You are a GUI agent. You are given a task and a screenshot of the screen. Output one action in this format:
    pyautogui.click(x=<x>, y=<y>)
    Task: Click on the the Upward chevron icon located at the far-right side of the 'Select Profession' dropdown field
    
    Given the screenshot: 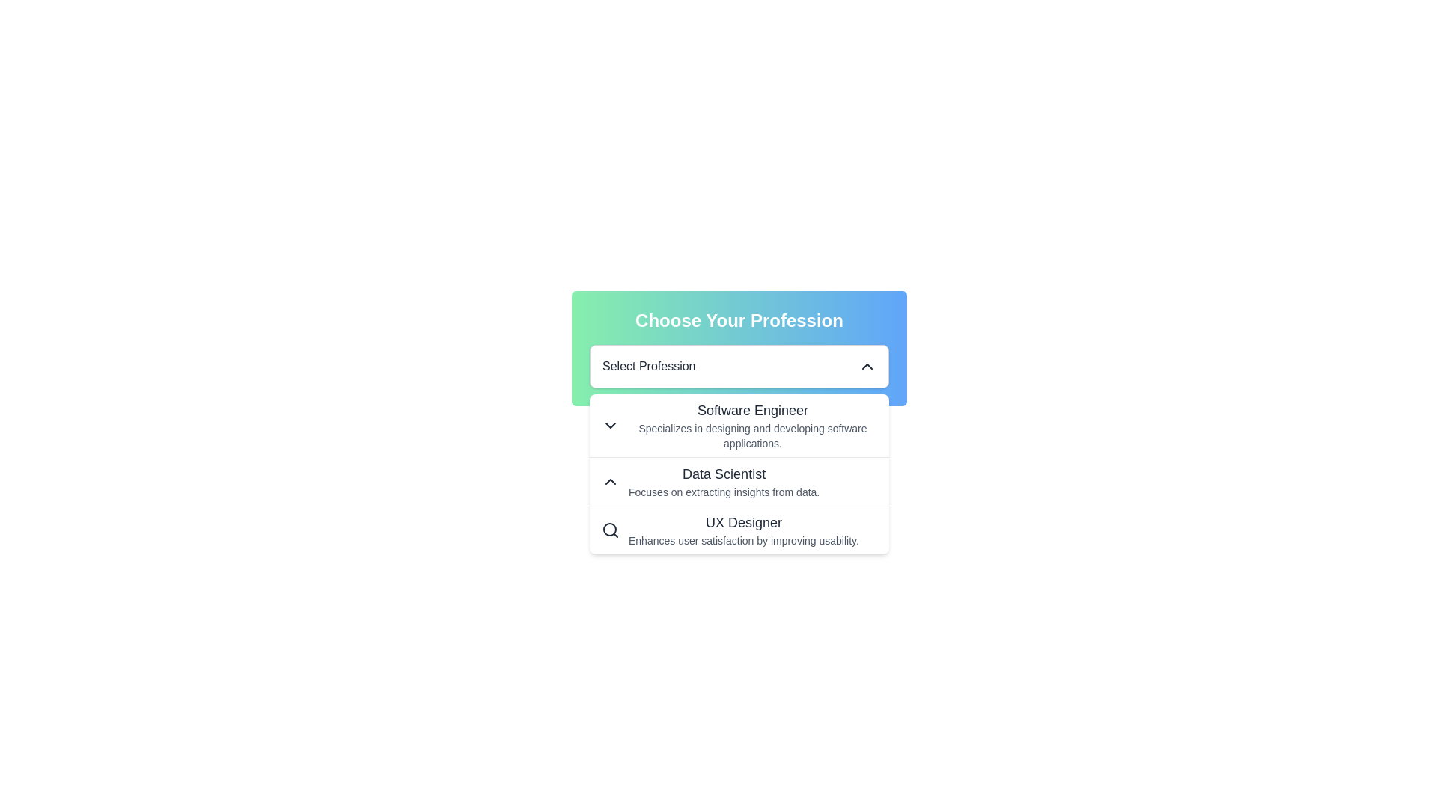 What is the action you would take?
    pyautogui.click(x=867, y=366)
    